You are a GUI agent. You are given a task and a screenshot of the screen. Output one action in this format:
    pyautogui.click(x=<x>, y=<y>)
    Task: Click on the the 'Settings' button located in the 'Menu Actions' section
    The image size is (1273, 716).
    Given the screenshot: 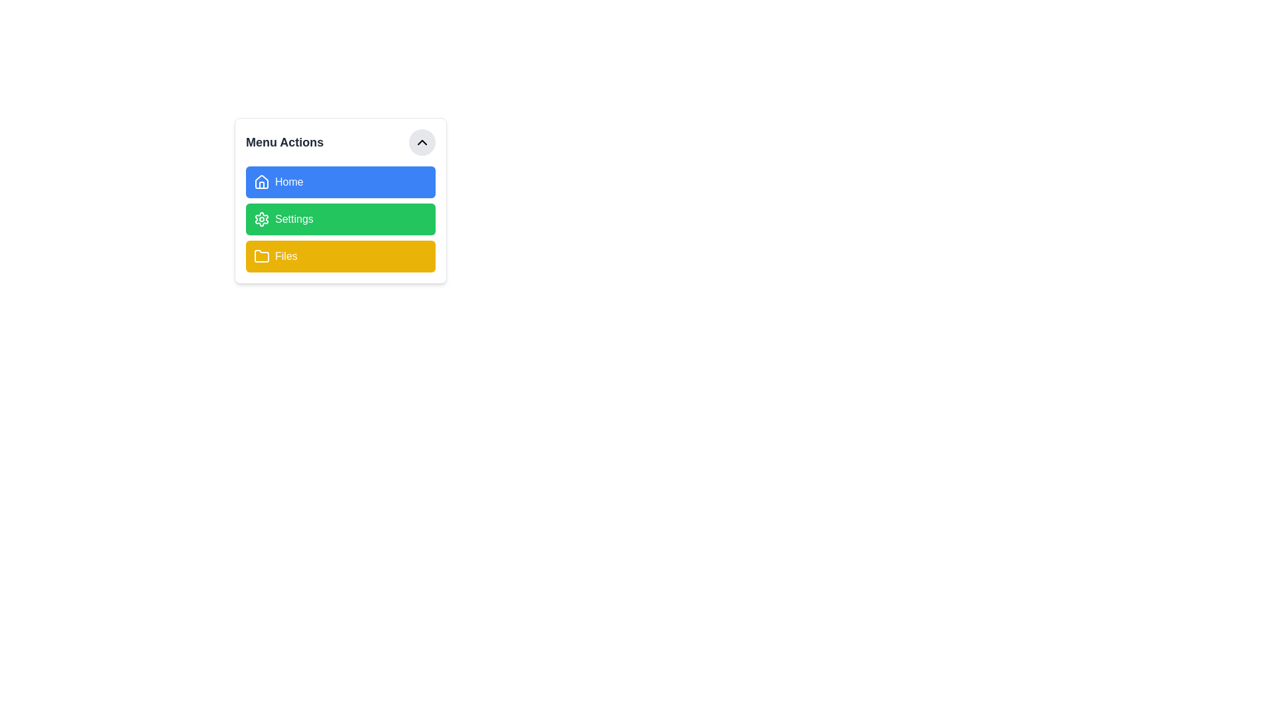 What is the action you would take?
    pyautogui.click(x=340, y=219)
    